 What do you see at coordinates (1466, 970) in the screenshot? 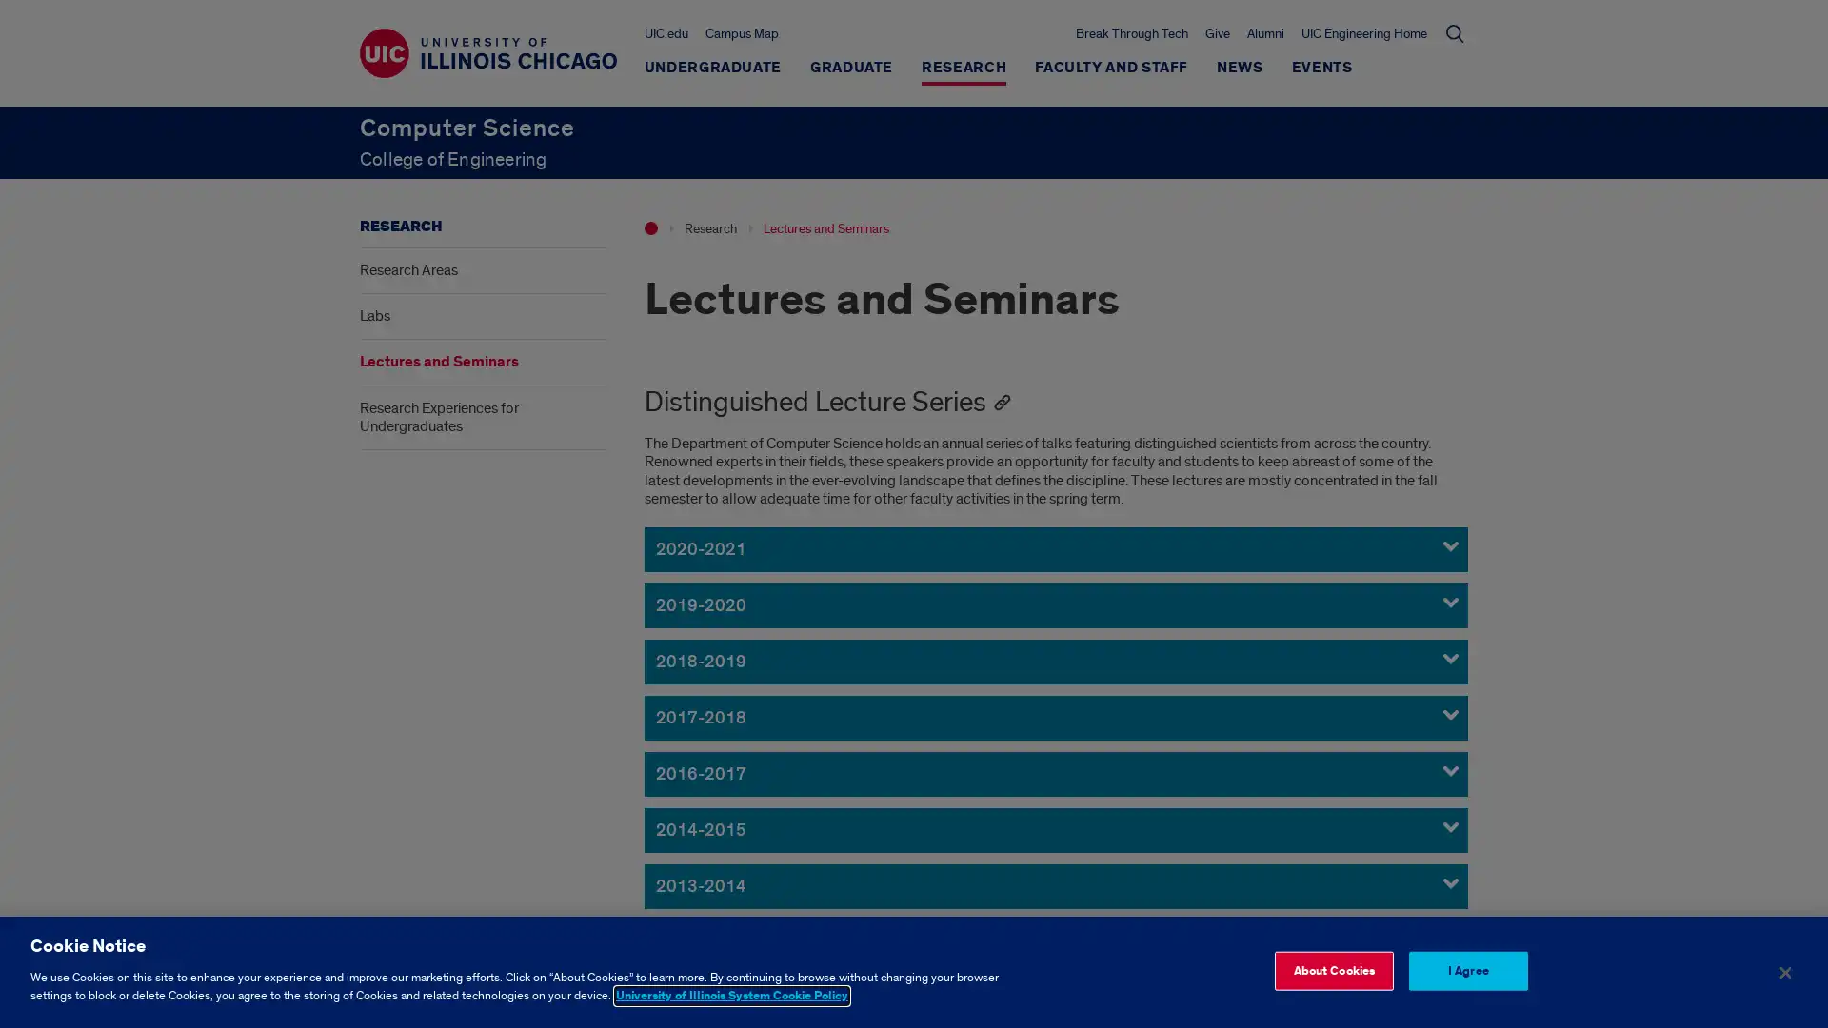
I see `I Agree` at bounding box center [1466, 970].